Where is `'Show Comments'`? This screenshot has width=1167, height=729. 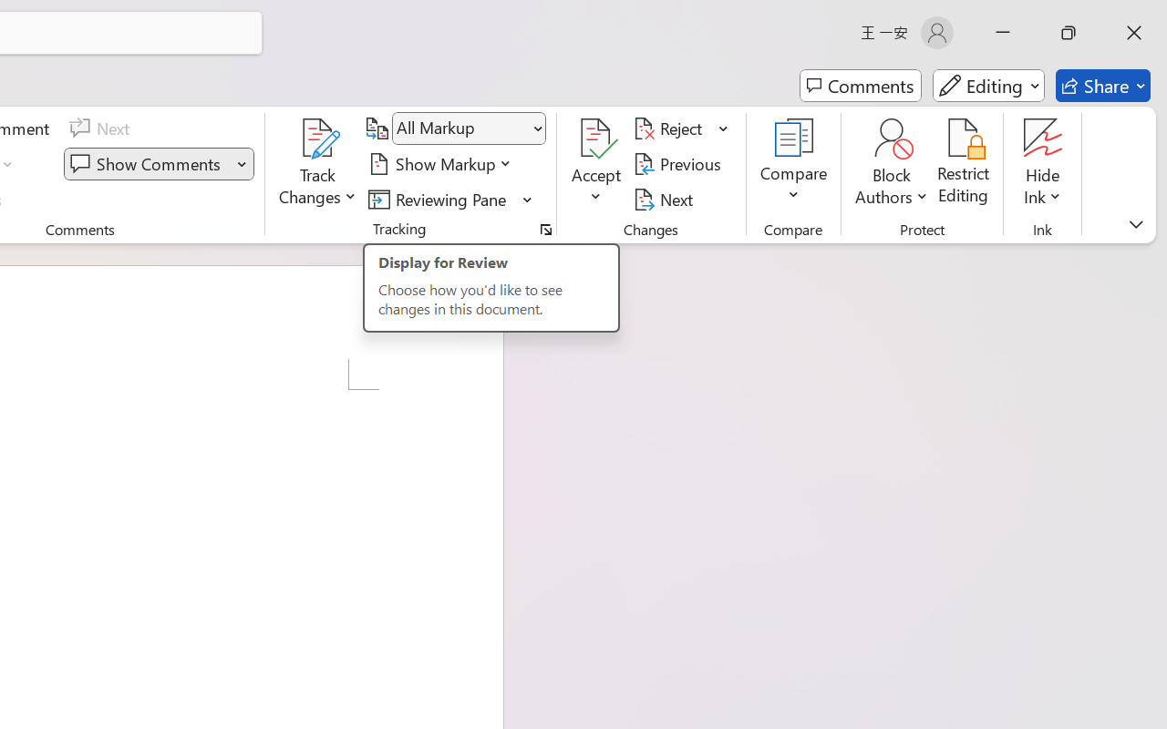 'Show Comments' is located at coordinates (159, 163).